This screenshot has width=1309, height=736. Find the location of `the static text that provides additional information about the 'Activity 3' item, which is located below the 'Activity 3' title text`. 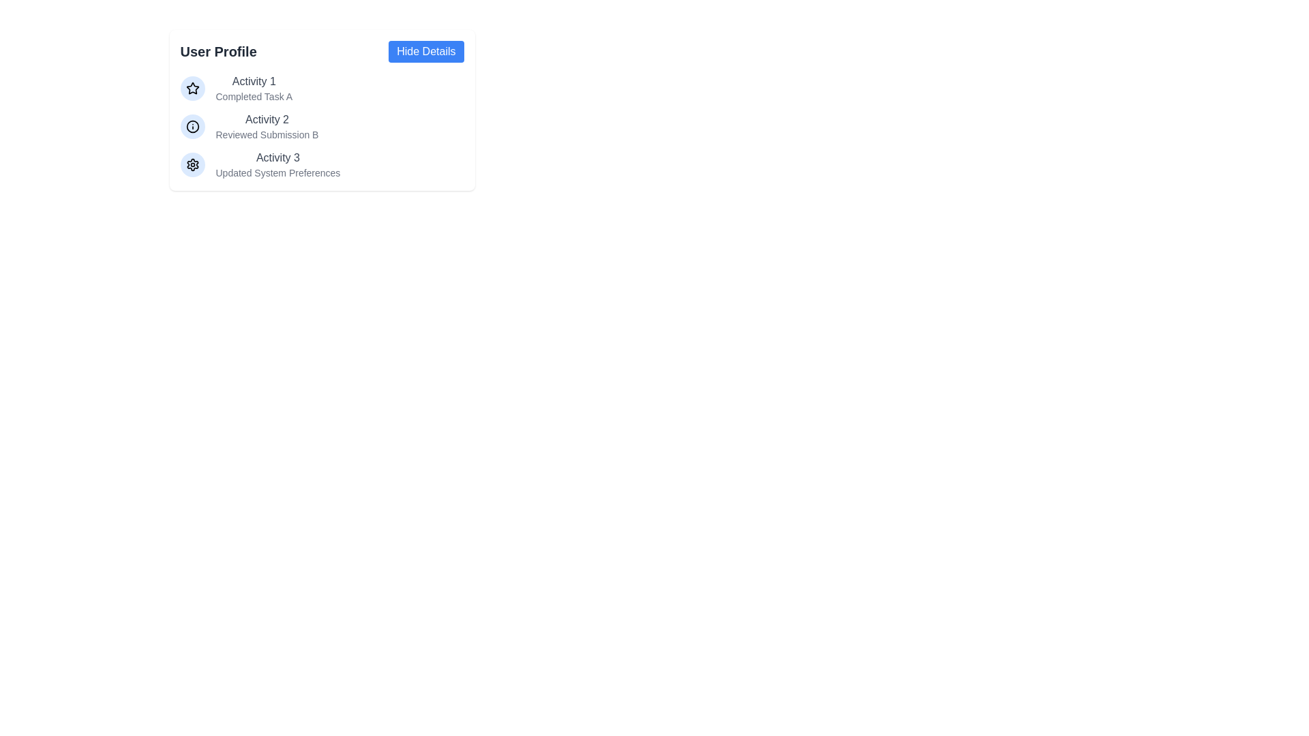

the static text that provides additional information about the 'Activity 3' item, which is located below the 'Activity 3' title text is located at coordinates (277, 172).